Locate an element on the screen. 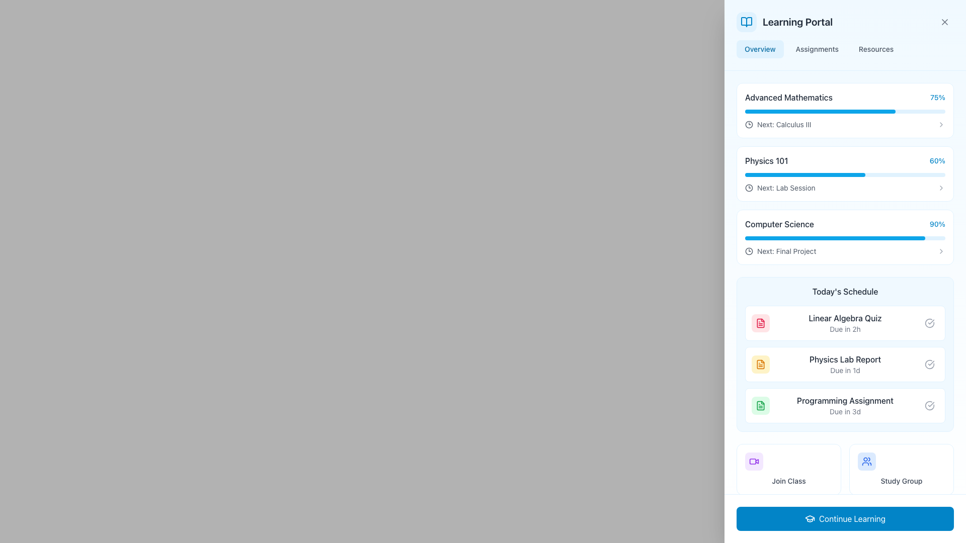  the second item in the 'Today's Schedule' list, which represents a specific assignment is located at coordinates (845, 365).